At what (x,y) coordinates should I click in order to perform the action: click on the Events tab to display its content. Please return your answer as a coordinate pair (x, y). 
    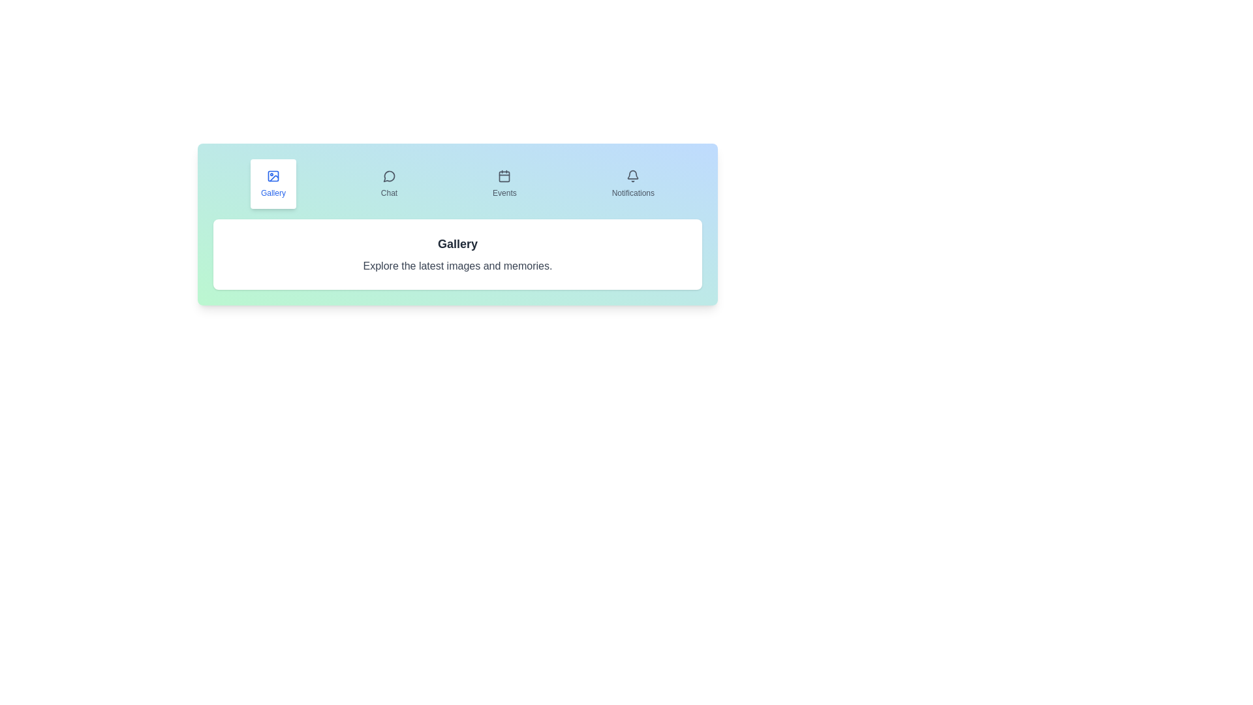
    Looking at the image, I should click on (504, 183).